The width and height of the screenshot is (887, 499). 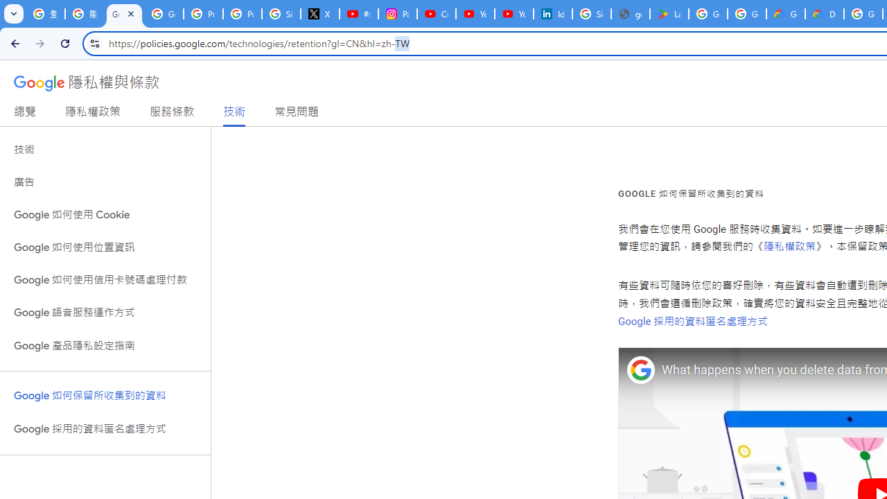 What do you see at coordinates (243, 14) in the screenshot?
I see `'Privacy Help Center - Policies Help'` at bounding box center [243, 14].